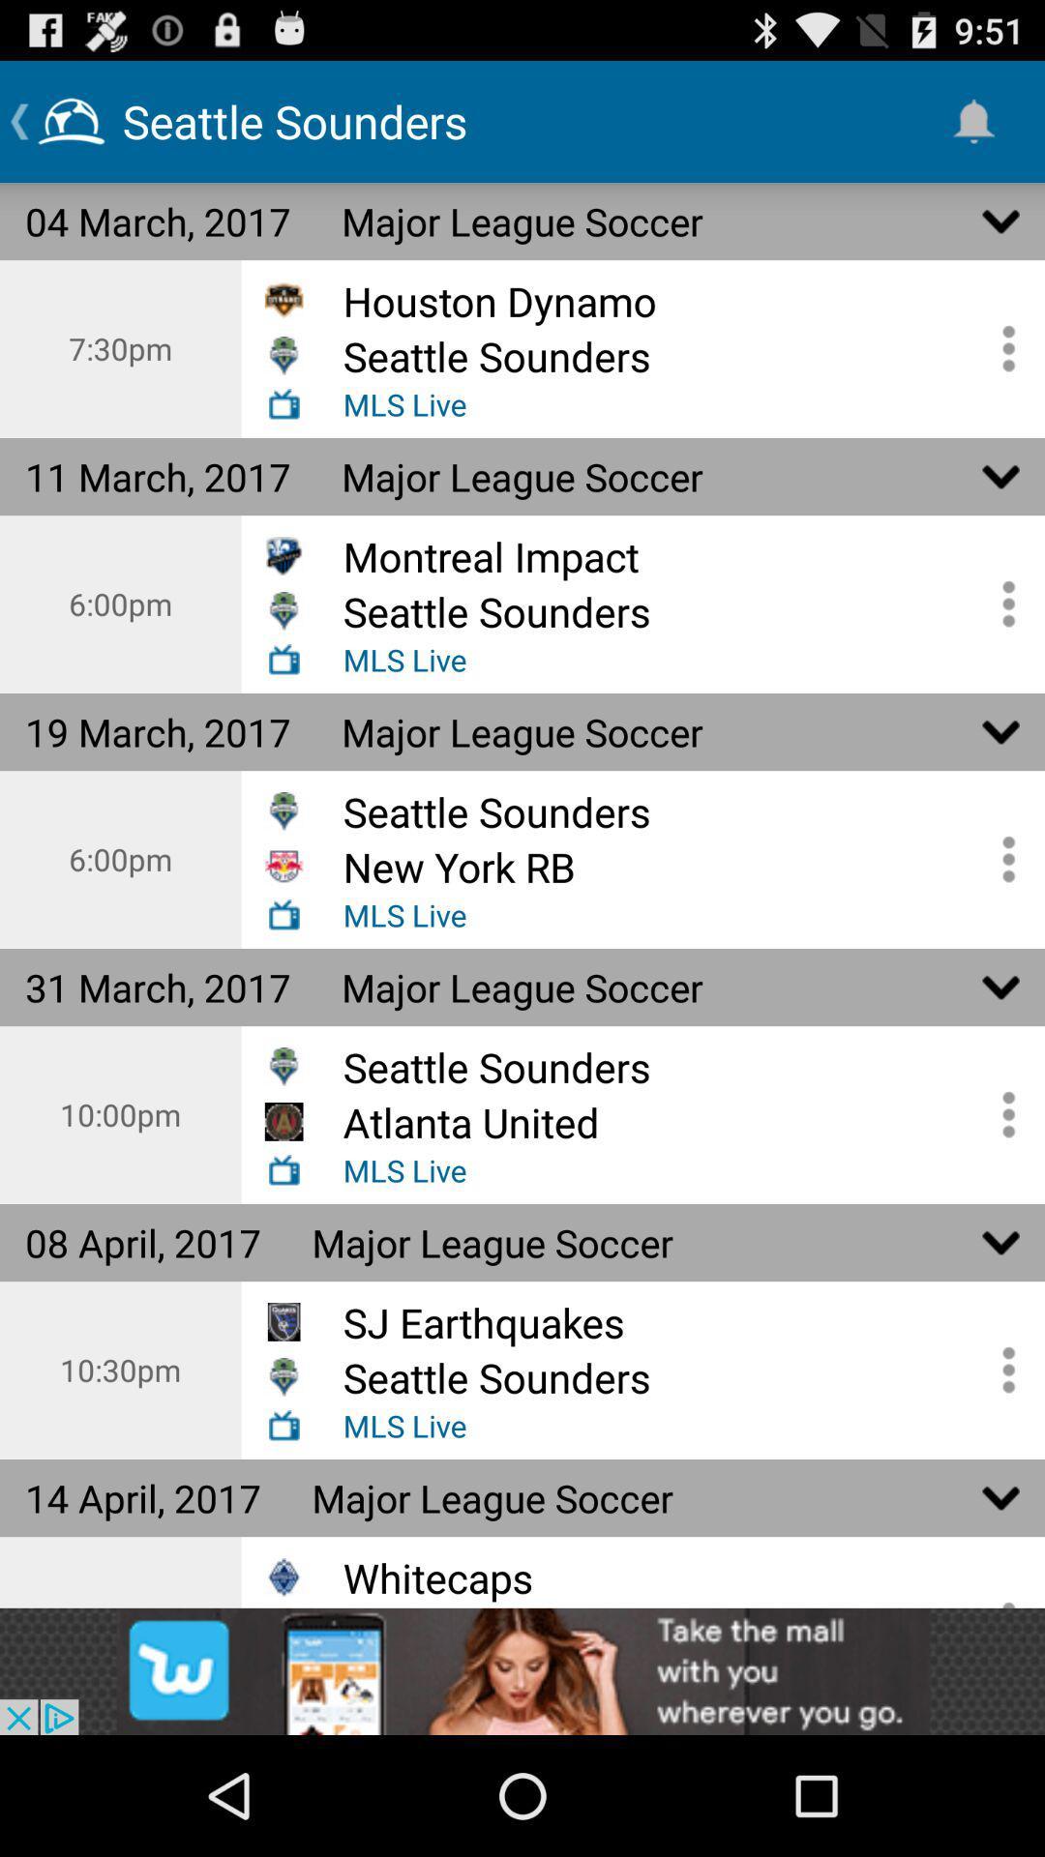 This screenshot has height=1857, width=1045. Describe the element at coordinates (522, 1670) in the screenshot. I see `see advertisement` at that location.